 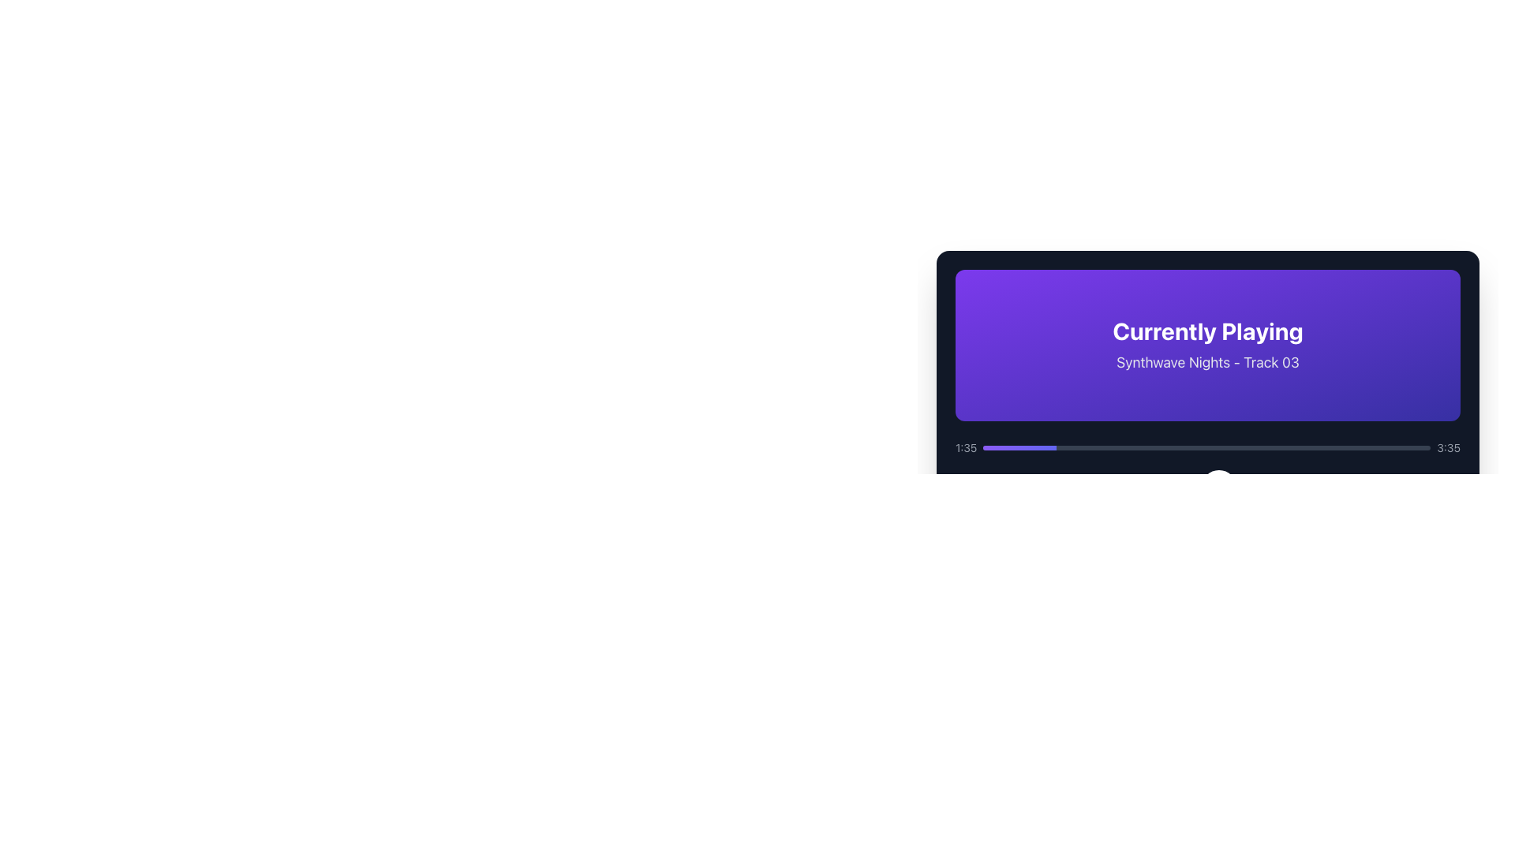 I want to click on the music note icon, so click(x=986, y=626).